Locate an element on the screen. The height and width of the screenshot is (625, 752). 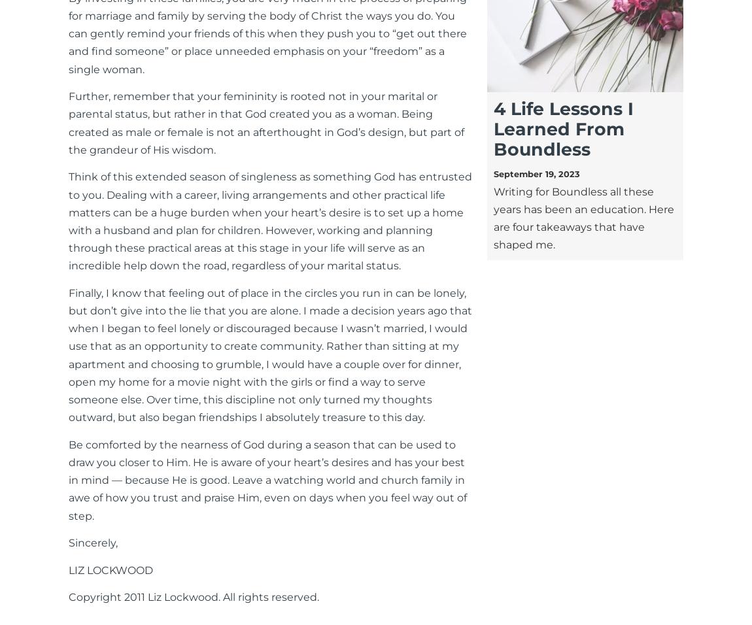
'September 19, 2023' is located at coordinates (535, 173).